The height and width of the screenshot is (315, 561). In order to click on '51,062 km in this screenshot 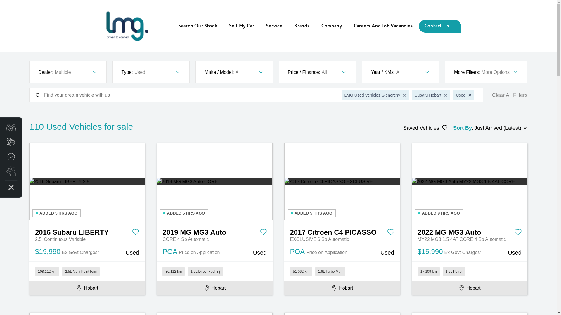, I will do `click(342, 271)`.